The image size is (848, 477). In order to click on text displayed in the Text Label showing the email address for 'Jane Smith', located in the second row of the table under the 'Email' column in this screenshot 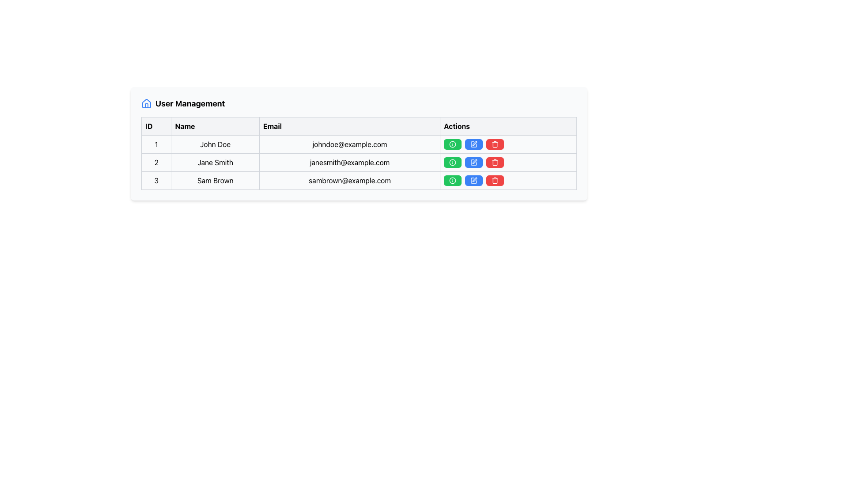, I will do `click(349, 162)`.